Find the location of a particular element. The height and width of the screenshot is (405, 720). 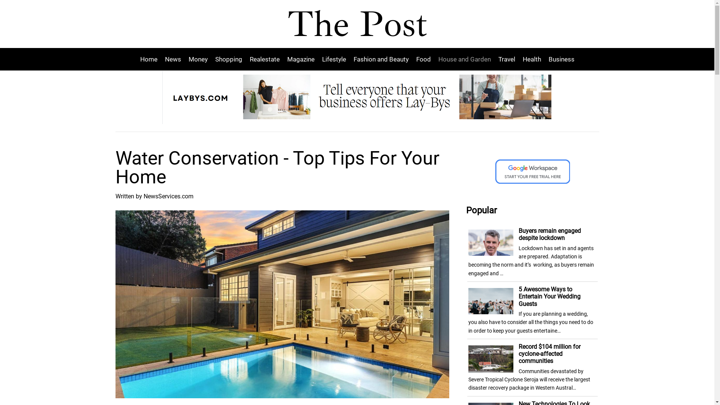

'News' is located at coordinates (172, 59).